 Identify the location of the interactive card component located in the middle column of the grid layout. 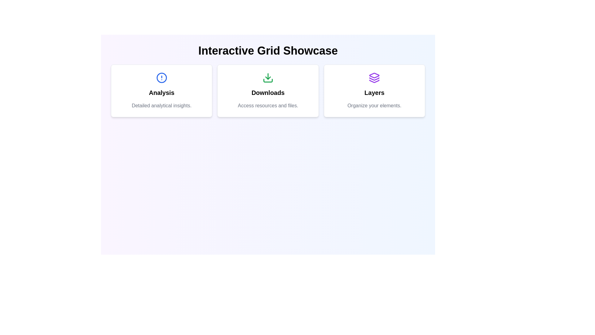
(268, 91).